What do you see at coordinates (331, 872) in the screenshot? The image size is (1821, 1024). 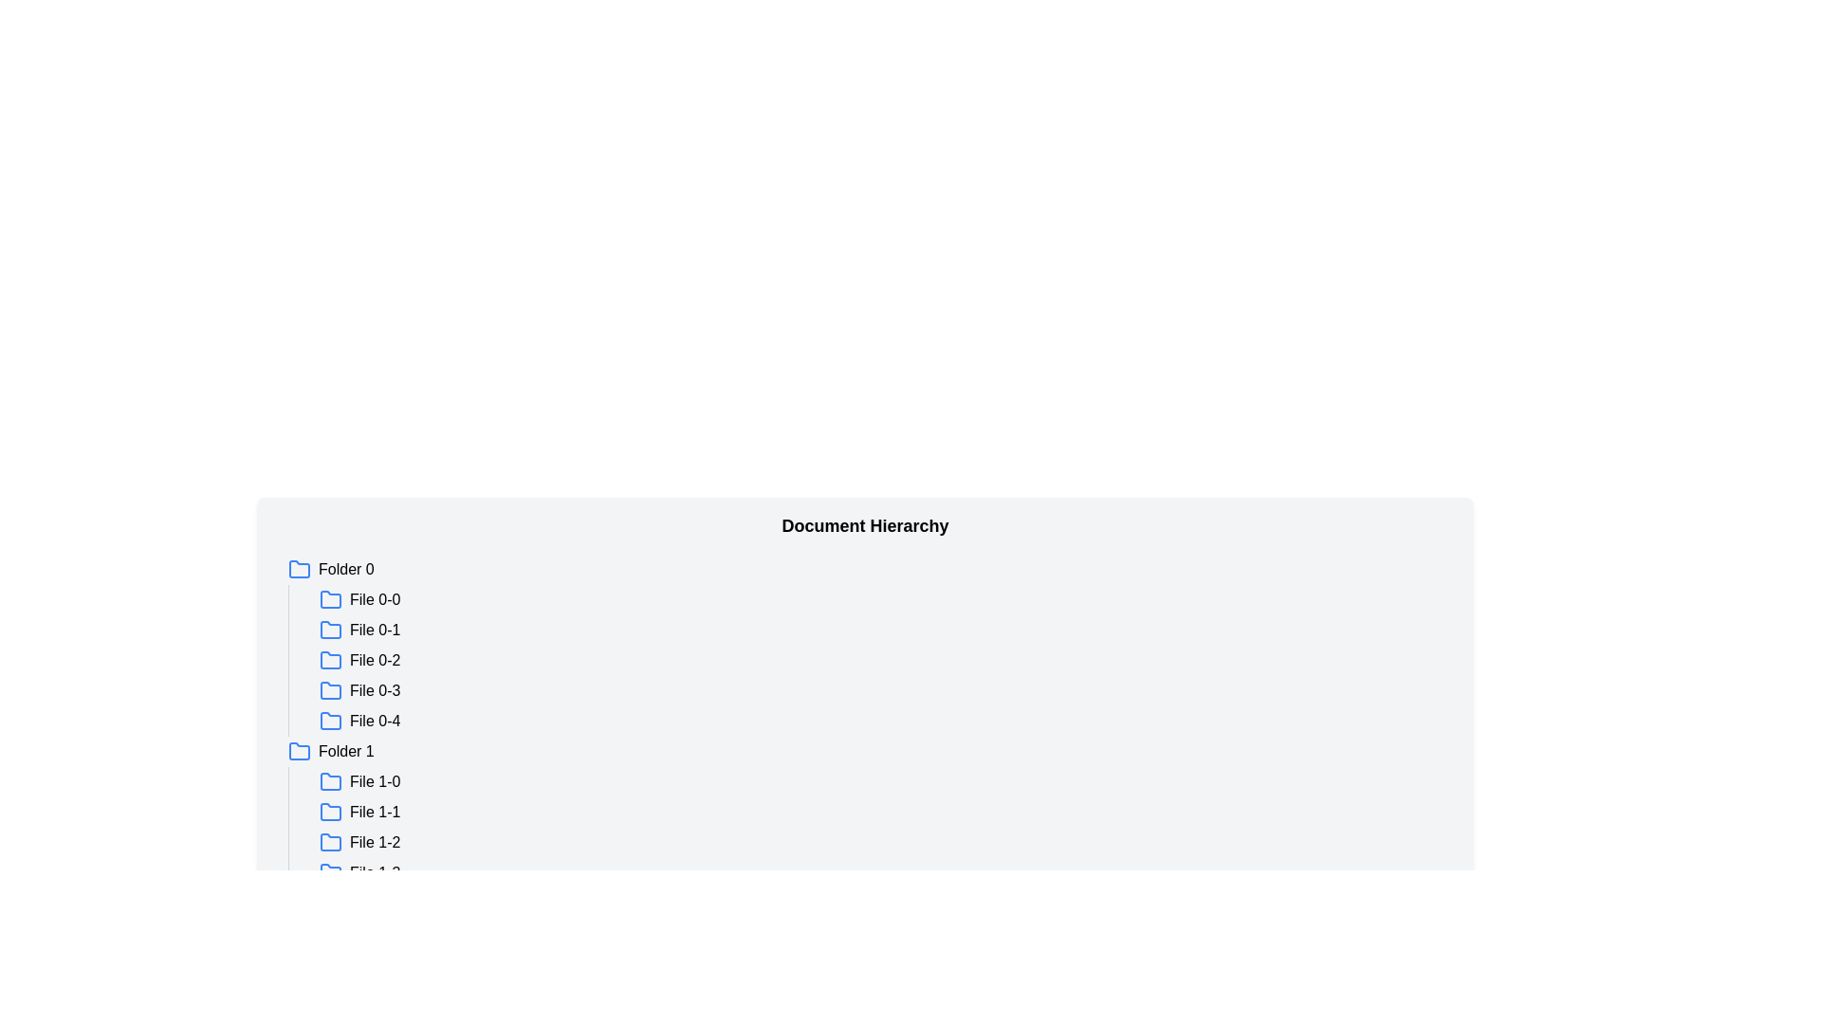 I see `the fourth folder icon located alongside the label 'File 1-3' within the 'Folder 1' category` at bounding box center [331, 872].